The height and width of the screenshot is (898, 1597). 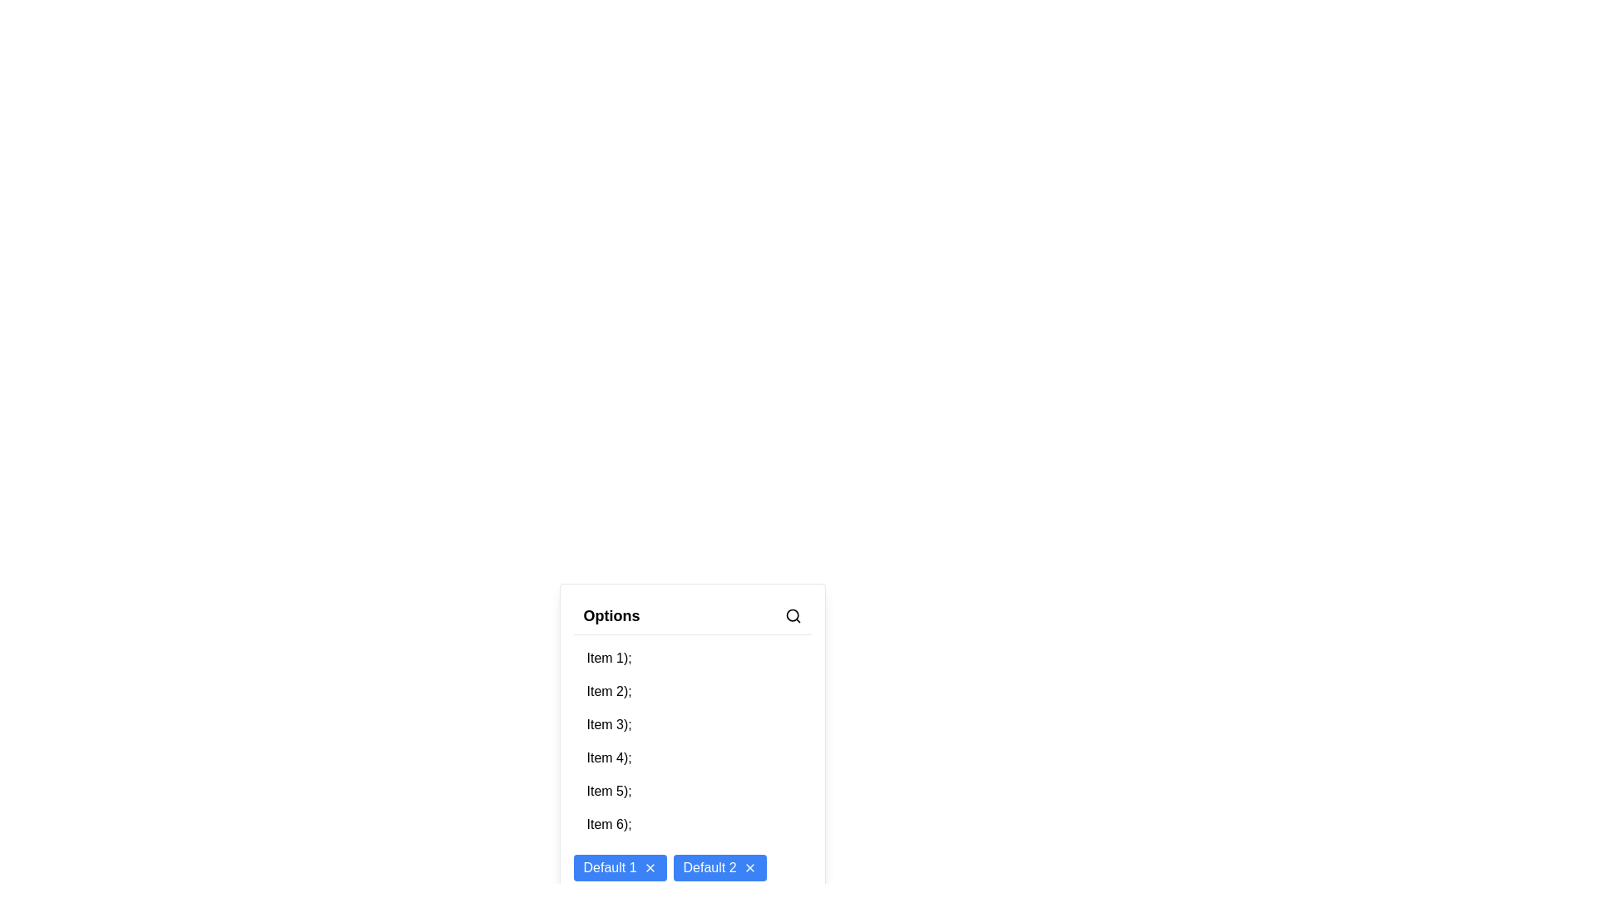 What do you see at coordinates (692, 824) in the screenshot?
I see `the list item component displaying 'Item 6);', which is styled with padding and hover effects, positioned between 'Item 5);' and 'Item 7);'` at bounding box center [692, 824].